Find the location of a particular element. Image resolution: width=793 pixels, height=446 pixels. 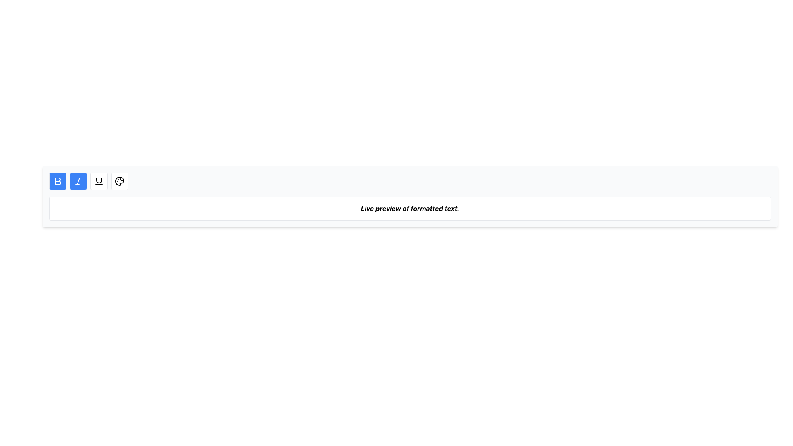

the bold styling button located is located at coordinates (57, 181).